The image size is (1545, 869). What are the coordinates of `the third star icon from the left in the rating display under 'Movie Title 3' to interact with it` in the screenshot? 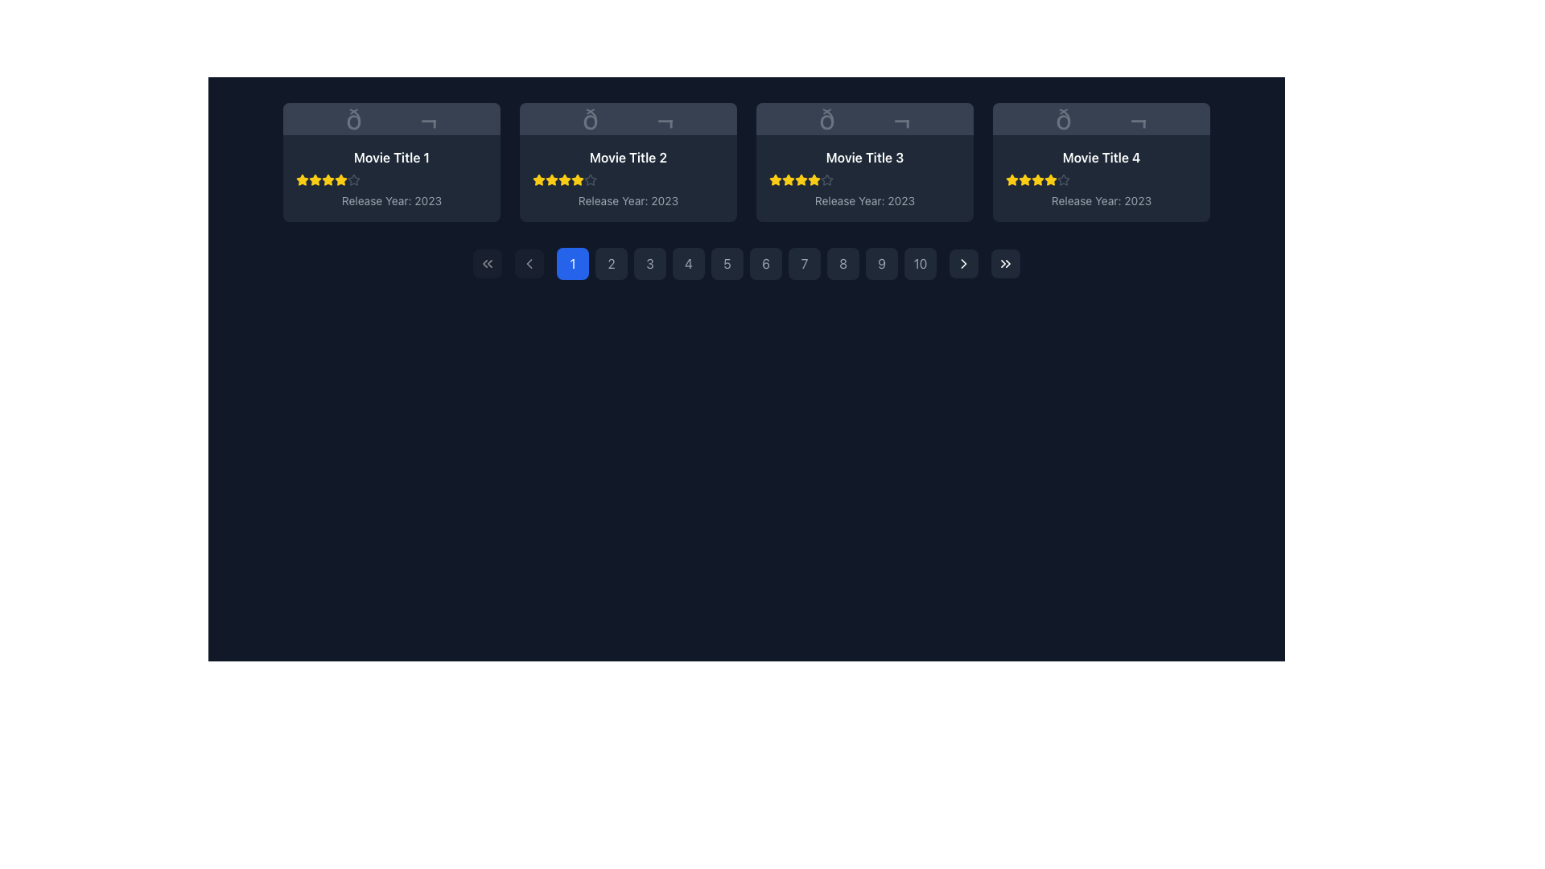 It's located at (788, 179).